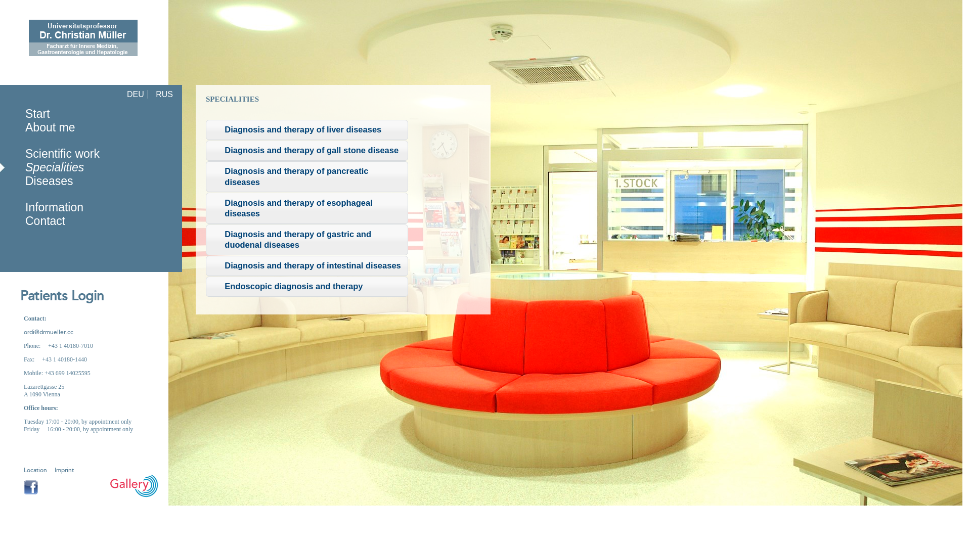  Describe the element at coordinates (306, 240) in the screenshot. I see `'Diagnosis and therapy of gastric and duodenal diseases'` at that location.